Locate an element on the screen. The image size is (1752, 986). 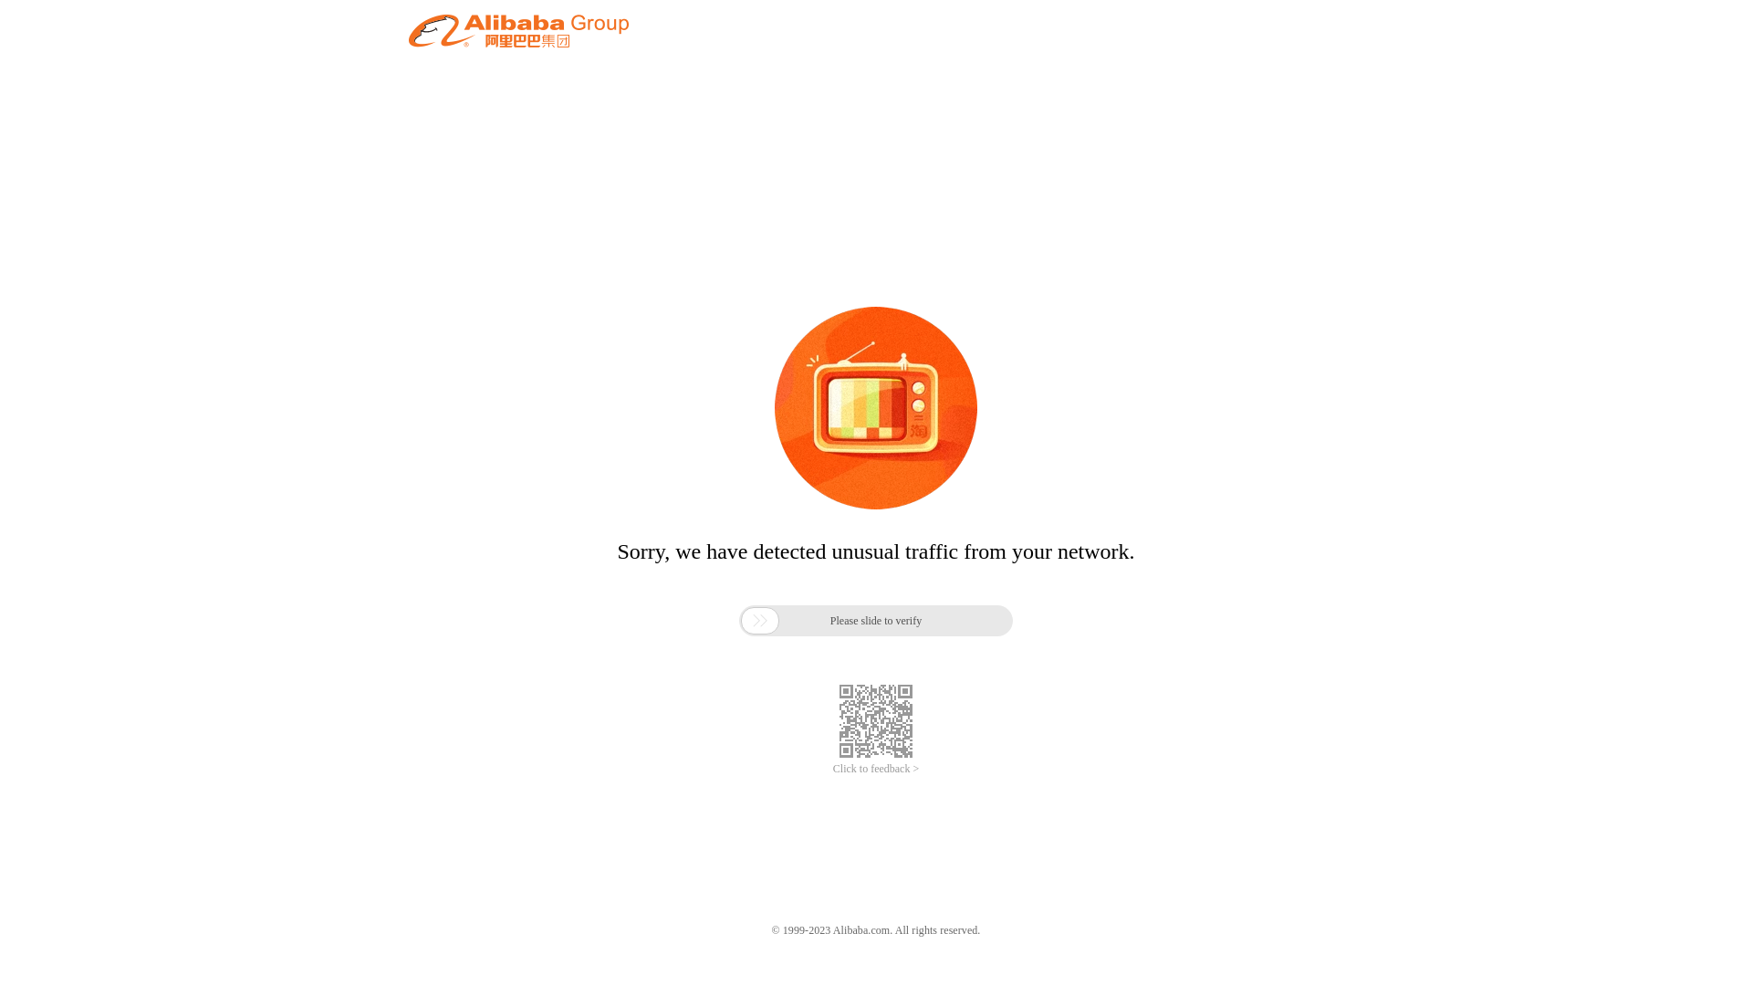
'Click to feedback >' is located at coordinates (876, 769).